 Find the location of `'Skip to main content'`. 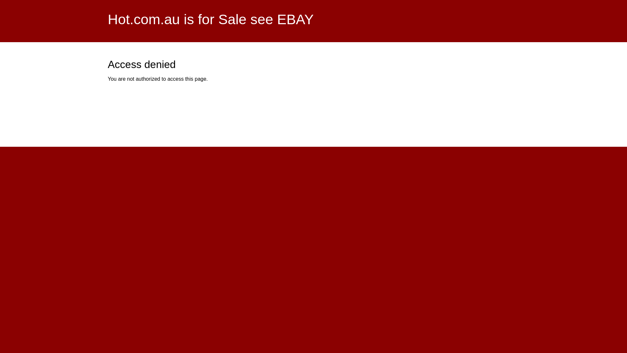

'Skip to main content' is located at coordinates (297, 1).